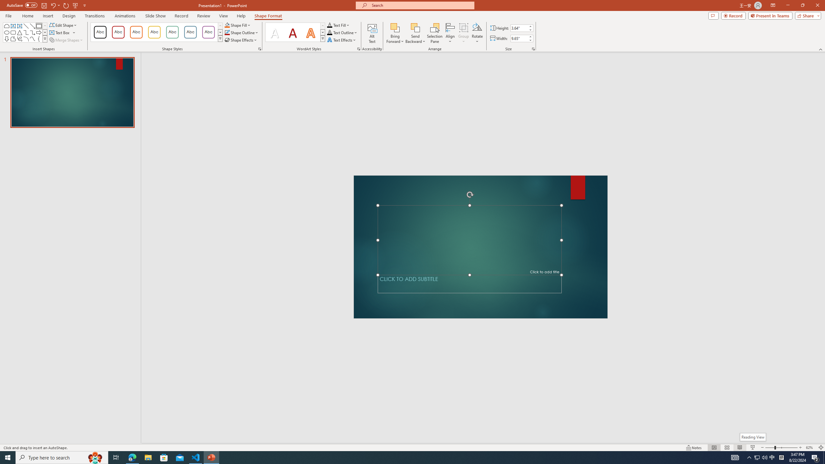  I want to click on 'Colored Outline - Green, Accent 4', so click(172, 32).